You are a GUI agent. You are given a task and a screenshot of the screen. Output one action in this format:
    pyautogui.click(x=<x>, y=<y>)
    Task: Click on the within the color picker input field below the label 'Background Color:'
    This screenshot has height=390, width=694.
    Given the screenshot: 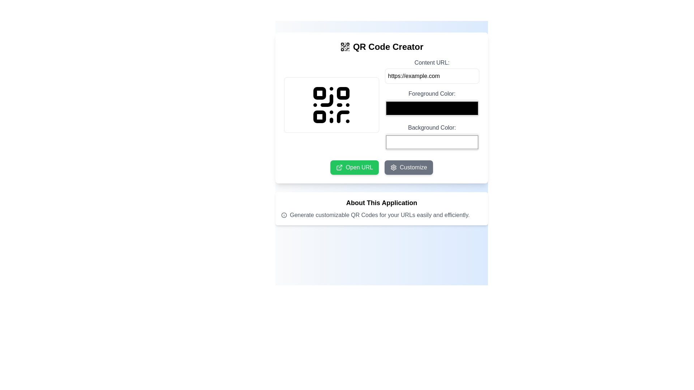 What is the action you would take?
    pyautogui.click(x=432, y=142)
    